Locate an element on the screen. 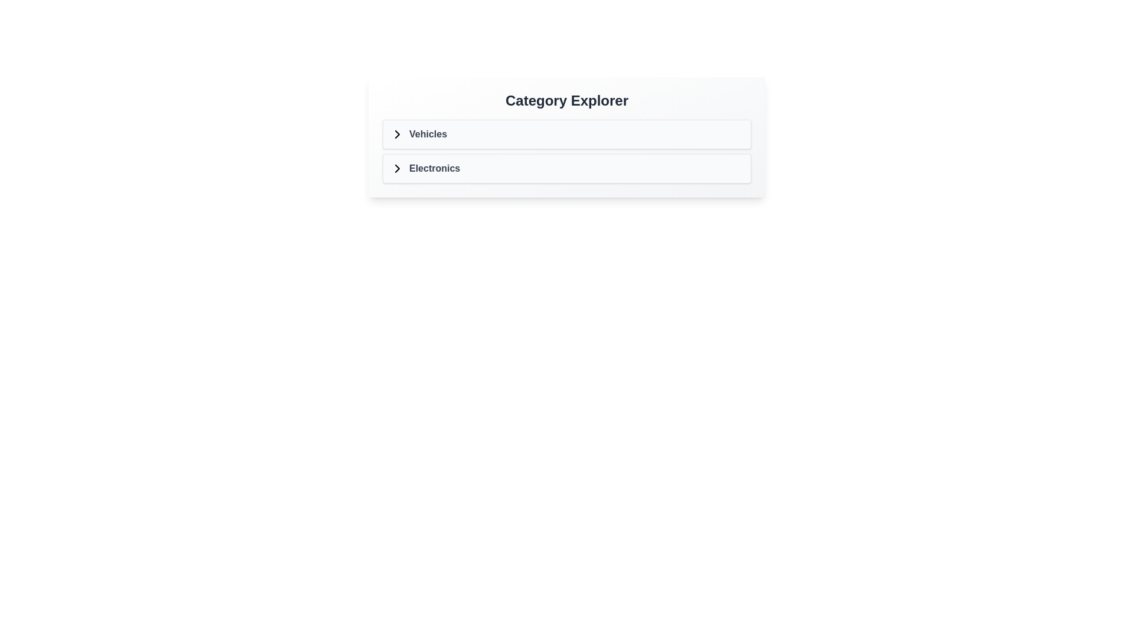 This screenshot has width=1134, height=637. the 'Electronics' text with icon element, which is styled in bold dark gray and positioned beneath the 'Vehicles' entry in the Category Explorer list is located at coordinates (425, 168).